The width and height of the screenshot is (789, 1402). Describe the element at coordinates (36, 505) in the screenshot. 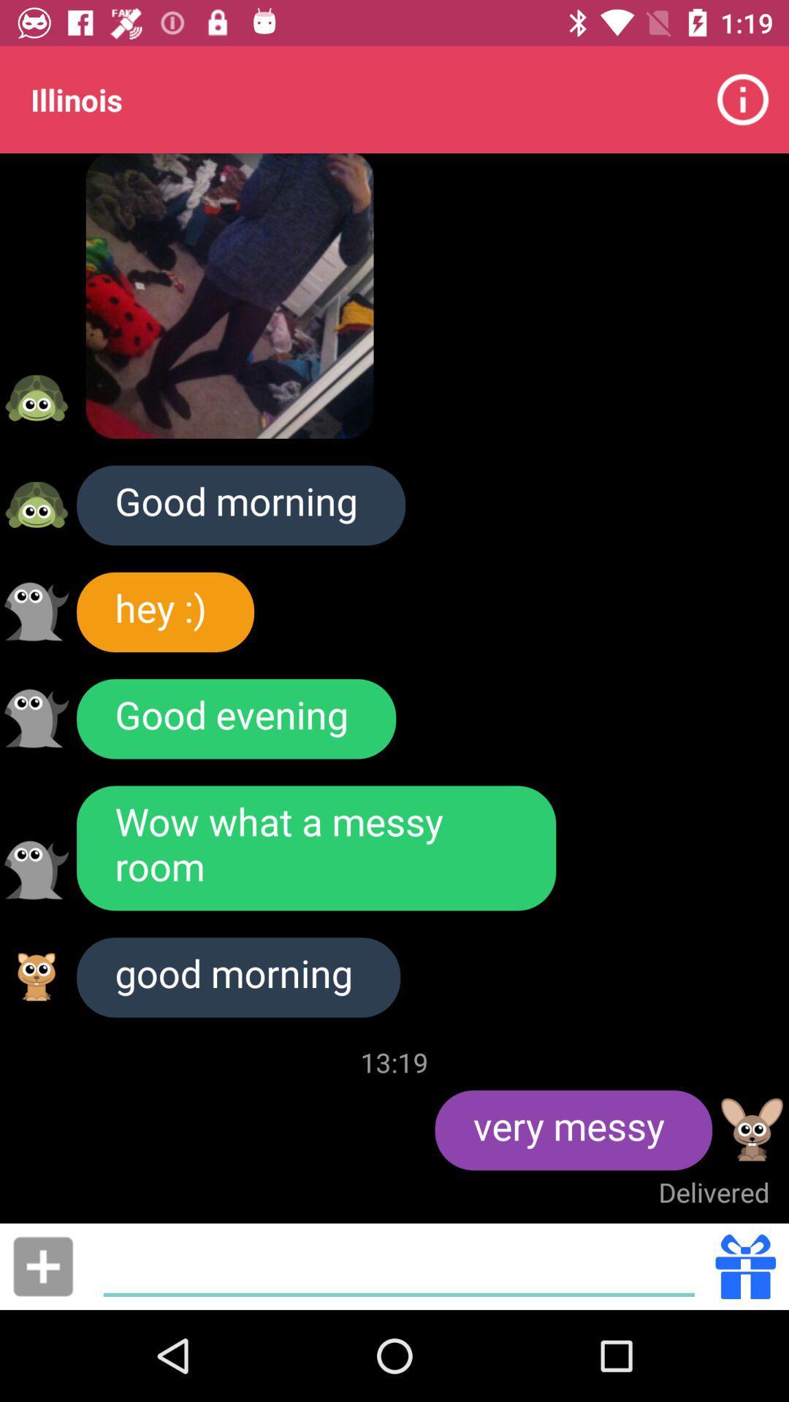

I see `contact 's icon` at that location.